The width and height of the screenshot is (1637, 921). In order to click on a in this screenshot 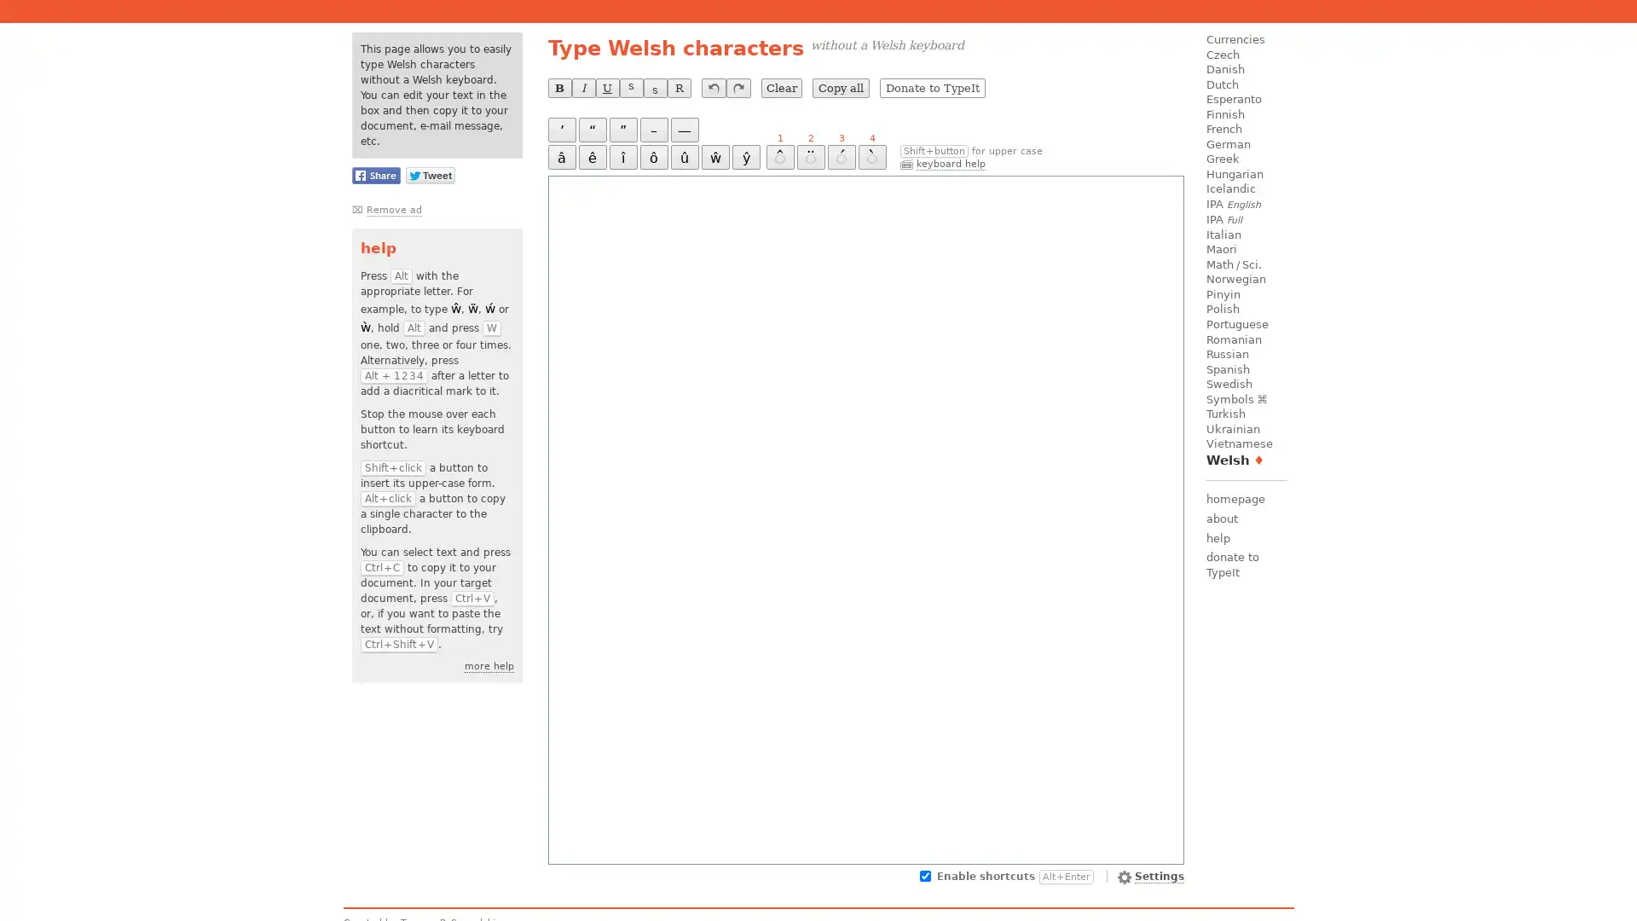, I will do `click(561, 157)`.